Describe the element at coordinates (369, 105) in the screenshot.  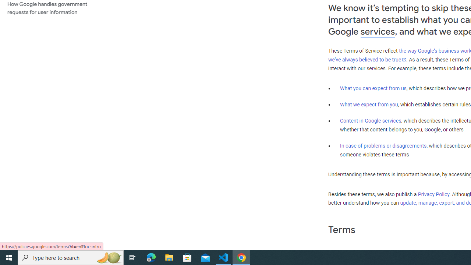
I see `'What we expect from you'` at that location.